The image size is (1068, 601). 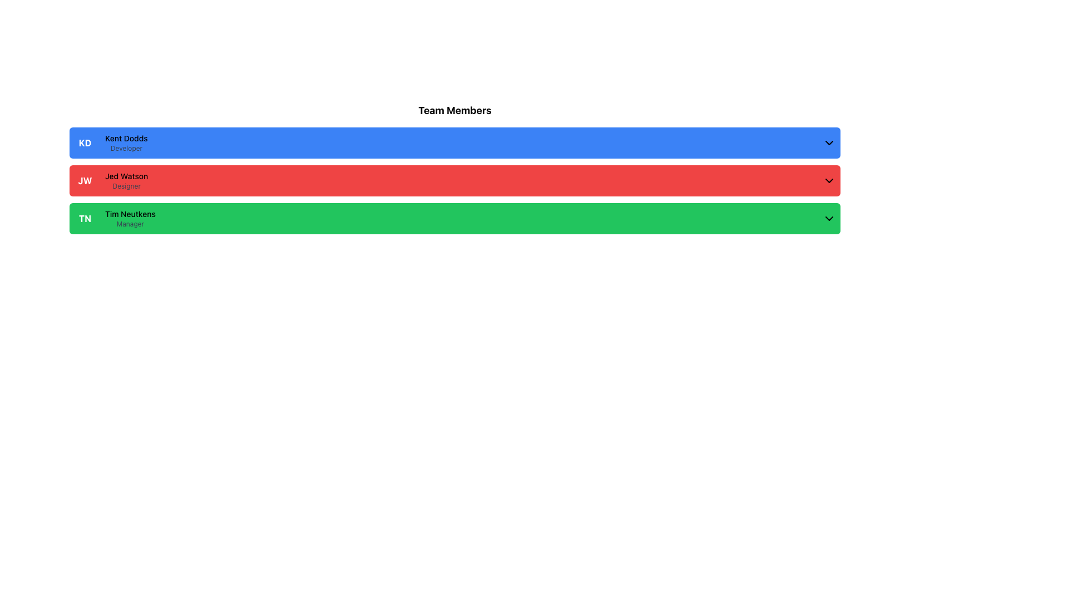 What do you see at coordinates (829, 180) in the screenshot?
I see `the expansion icon located at the far right of the red rectangular area containing 'Jed Watson Designer'` at bounding box center [829, 180].